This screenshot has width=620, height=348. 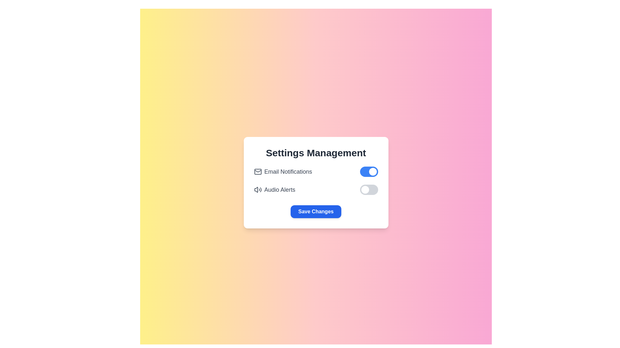 I want to click on the icons within the Grouped control panel with toggle switches for more details about email notifications and audio alerts, so click(x=316, y=180).